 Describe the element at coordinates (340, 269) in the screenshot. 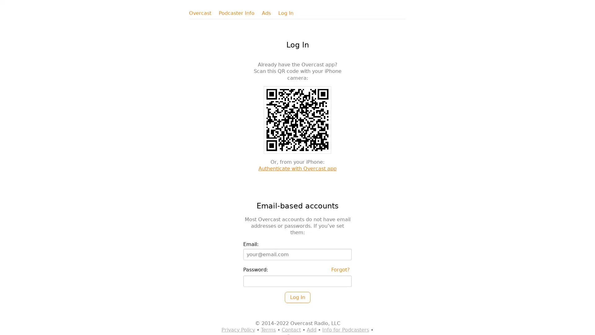

I see `Forgot?` at that location.